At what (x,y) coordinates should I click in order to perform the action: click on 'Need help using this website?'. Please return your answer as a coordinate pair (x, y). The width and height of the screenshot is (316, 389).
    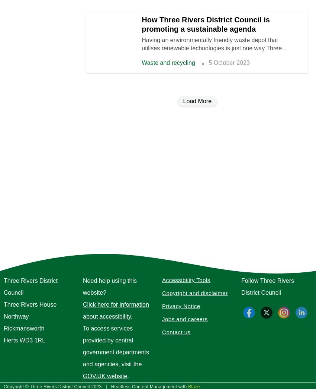
    Looking at the image, I should click on (83, 287).